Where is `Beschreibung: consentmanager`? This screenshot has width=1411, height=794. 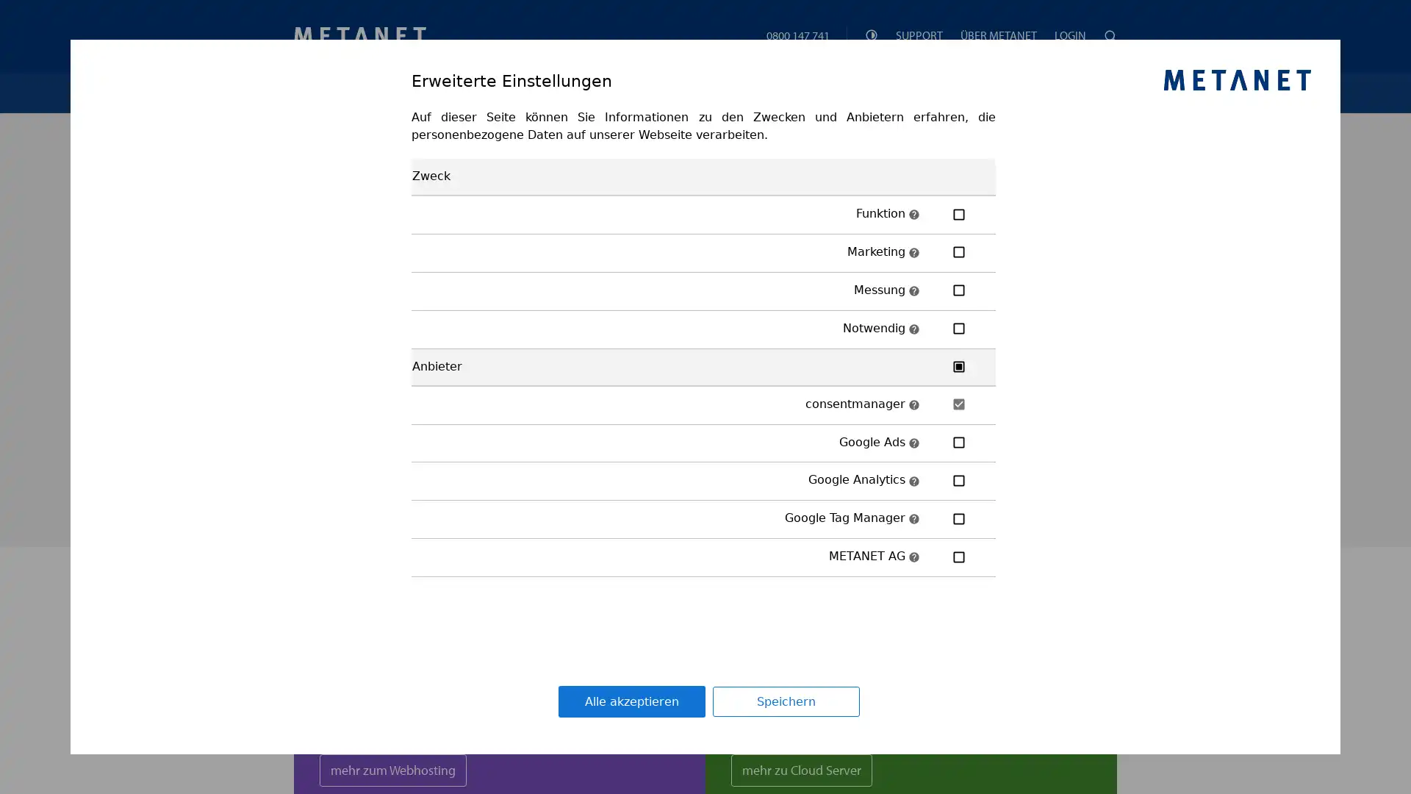 Beschreibung: consentmanager is located at coordinates (913, 403).